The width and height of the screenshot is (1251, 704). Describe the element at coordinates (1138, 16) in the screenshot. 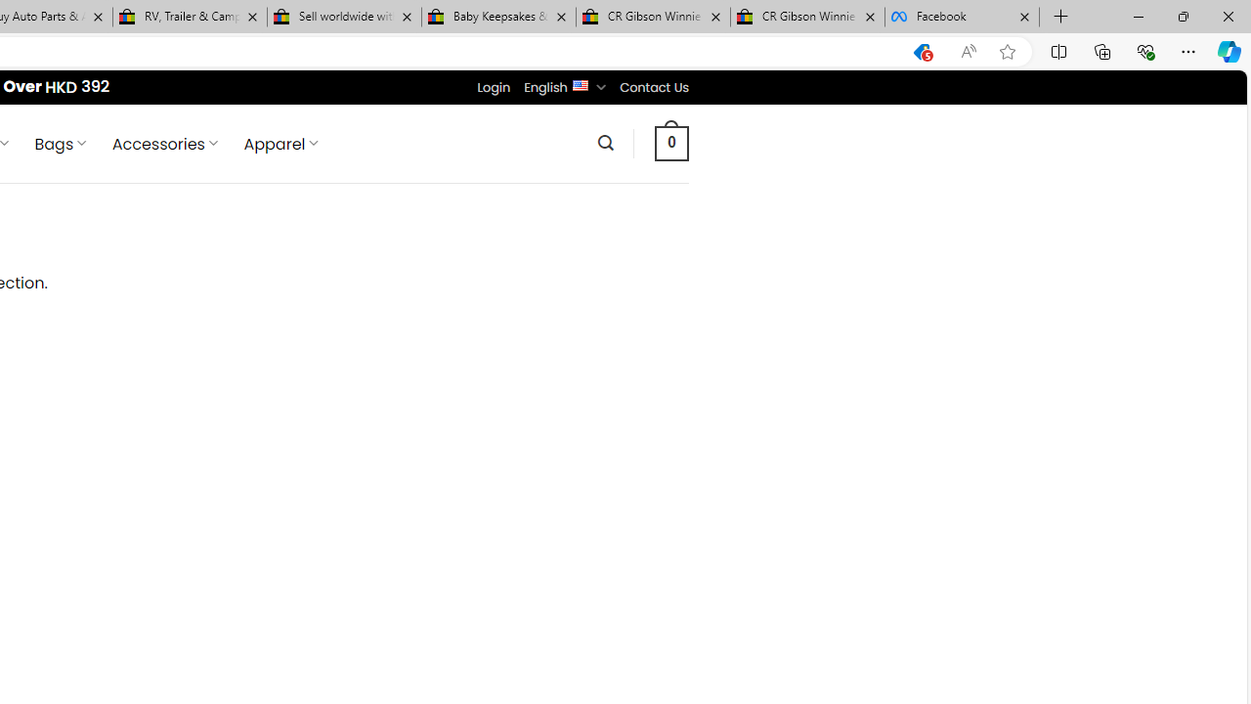

I see `'Minimize'` at that location.